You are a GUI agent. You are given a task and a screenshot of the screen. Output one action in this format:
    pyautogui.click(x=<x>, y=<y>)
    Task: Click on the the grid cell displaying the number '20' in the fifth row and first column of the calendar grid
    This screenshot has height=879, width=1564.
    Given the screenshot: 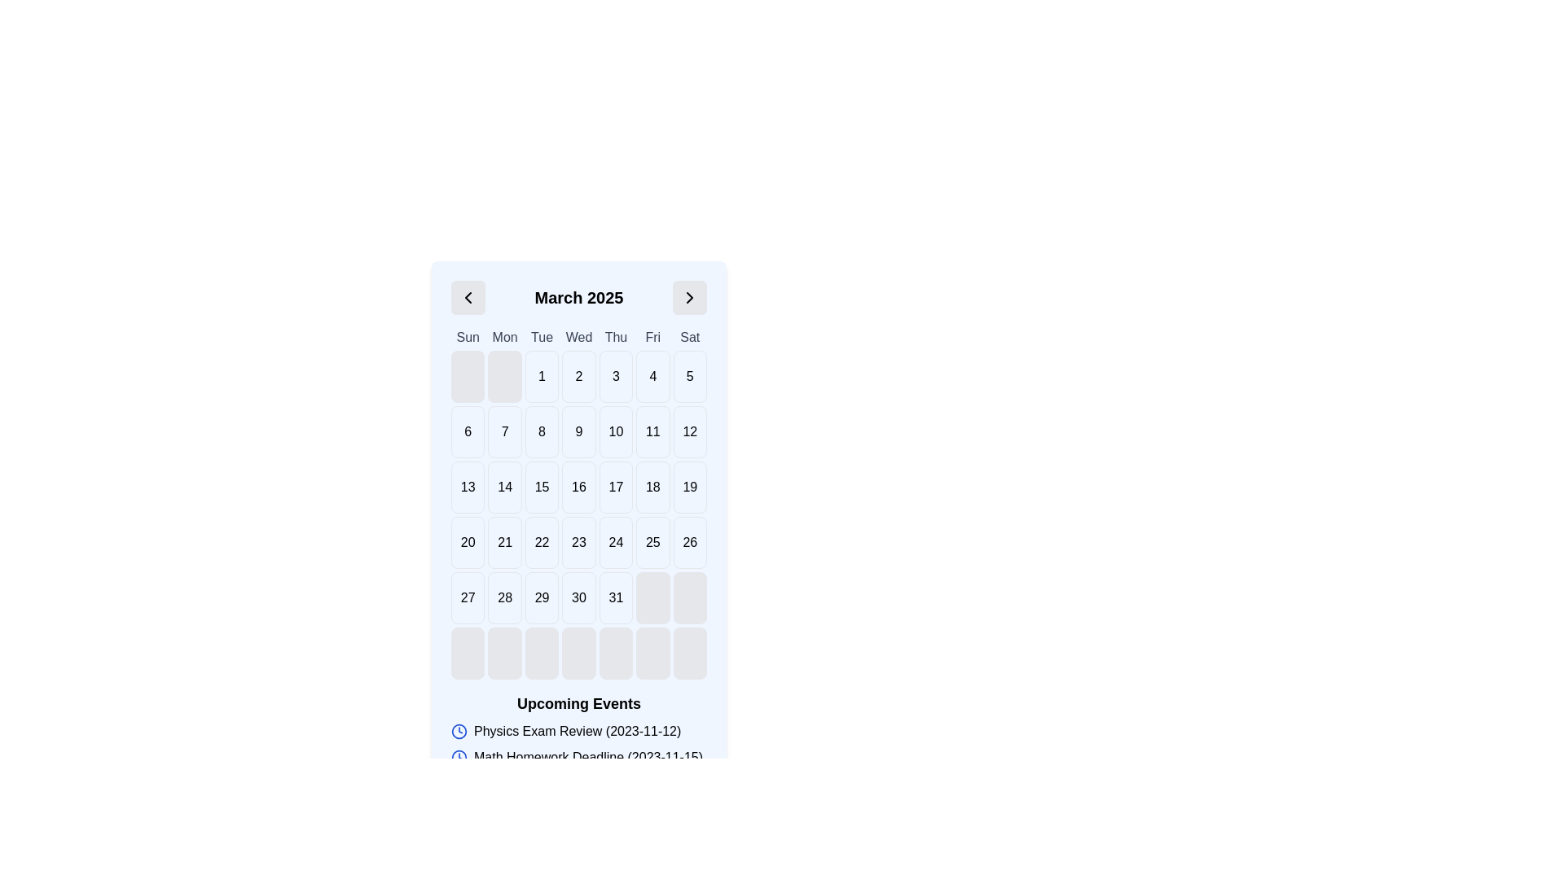 What is the action you would take?
    pyautogui.click(x=467, y=543)
    